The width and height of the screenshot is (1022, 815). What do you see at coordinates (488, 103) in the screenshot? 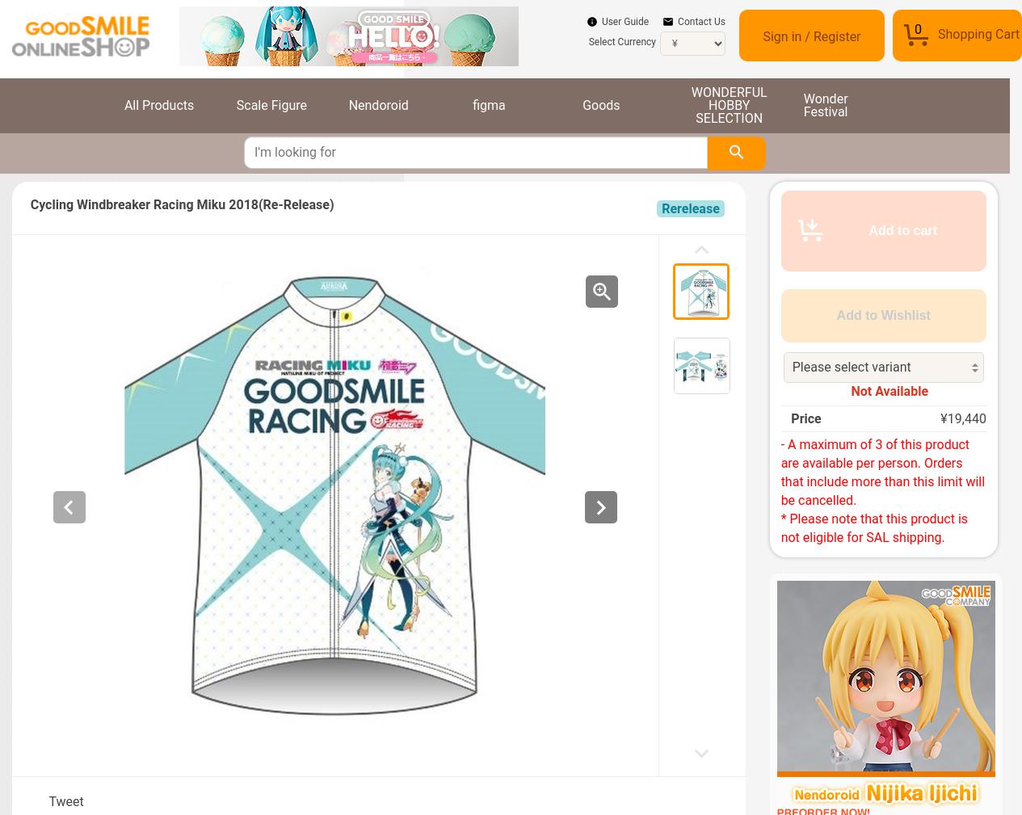
I see `'figma'` at bounding box center [488, 103].